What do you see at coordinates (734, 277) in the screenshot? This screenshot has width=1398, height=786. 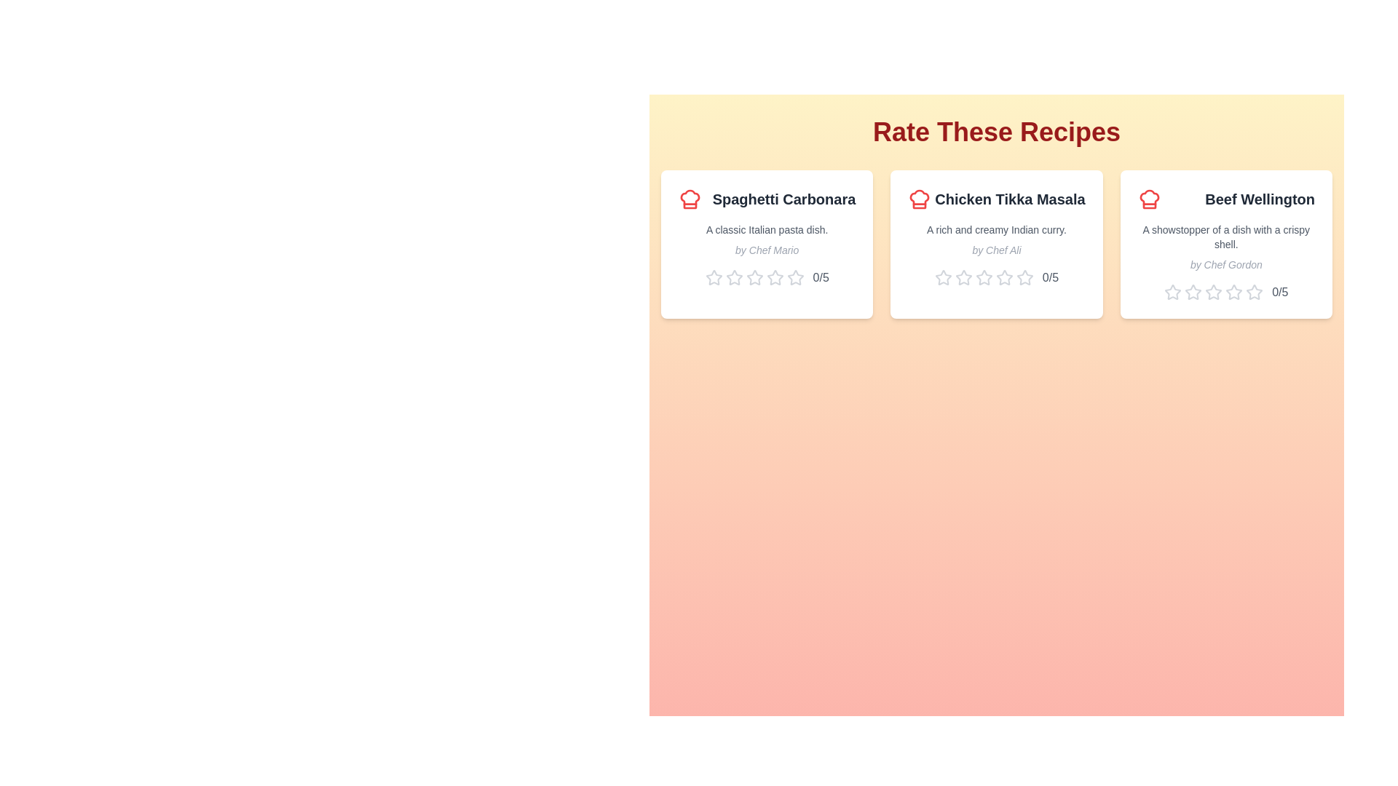 I see `the rating for a recipe to 2 stars` at bounding box center [734, 277].